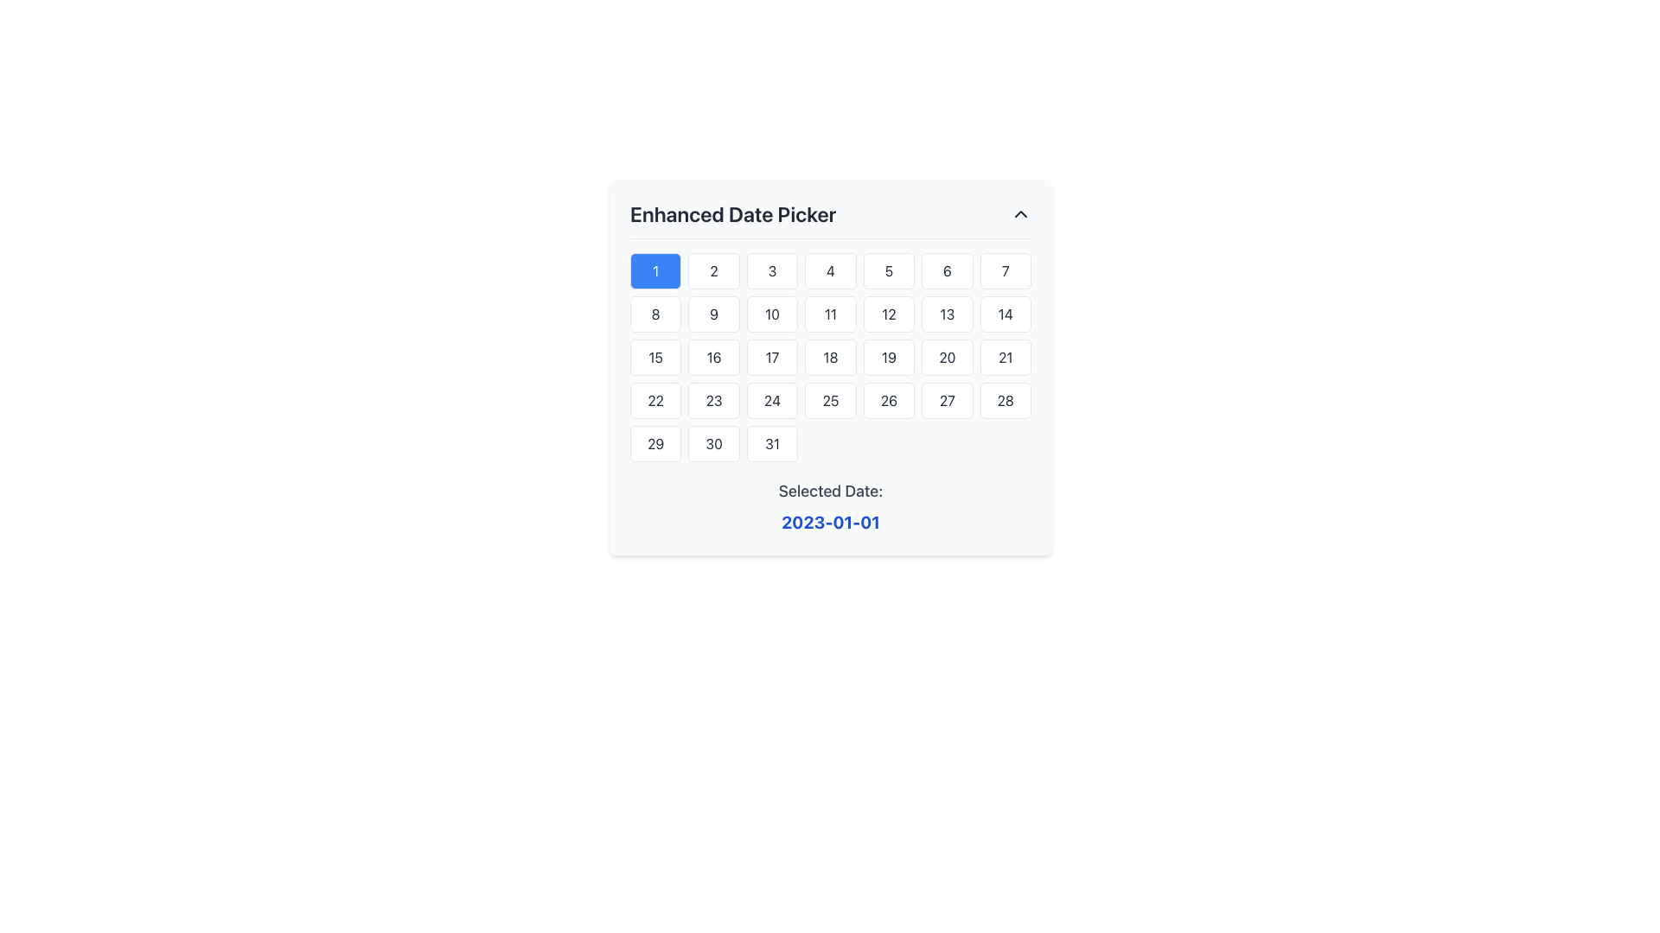 This screenshot has height=933, width=1660. I want to click on the rounded rectangular button labeled '13' with a white background and a slim gray border to trigger a visual effect, so click(946, 314).